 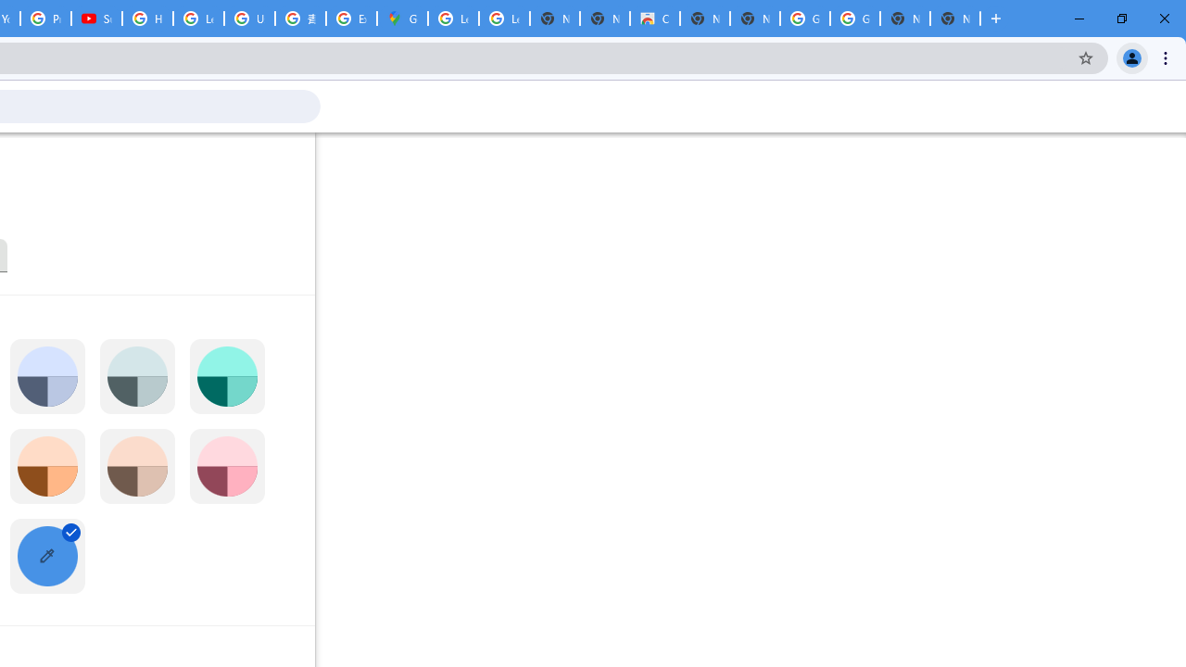 What do you see at coordinates (805, 19) in the screenshot?
I see `'Google Images'` at bounding box center [805, 19].